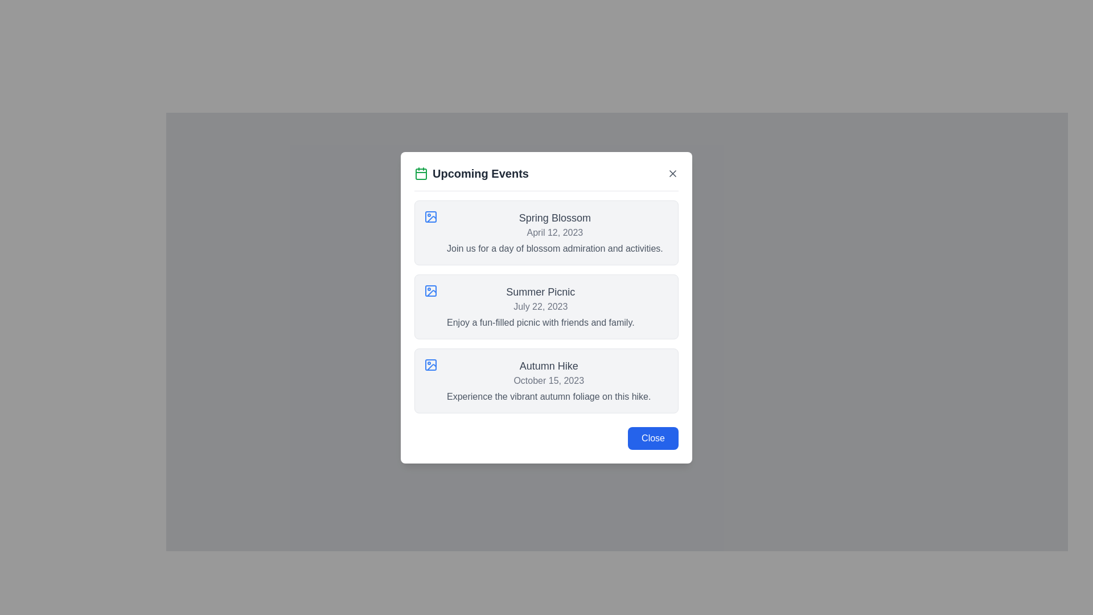 The height and width of the screenshot is (615, 1093). I want to click on event details from the Event information card titled 'Summer Picnic', dated 'July 22, 2023', which is located in the second position of the event card list, so click(546, 305).